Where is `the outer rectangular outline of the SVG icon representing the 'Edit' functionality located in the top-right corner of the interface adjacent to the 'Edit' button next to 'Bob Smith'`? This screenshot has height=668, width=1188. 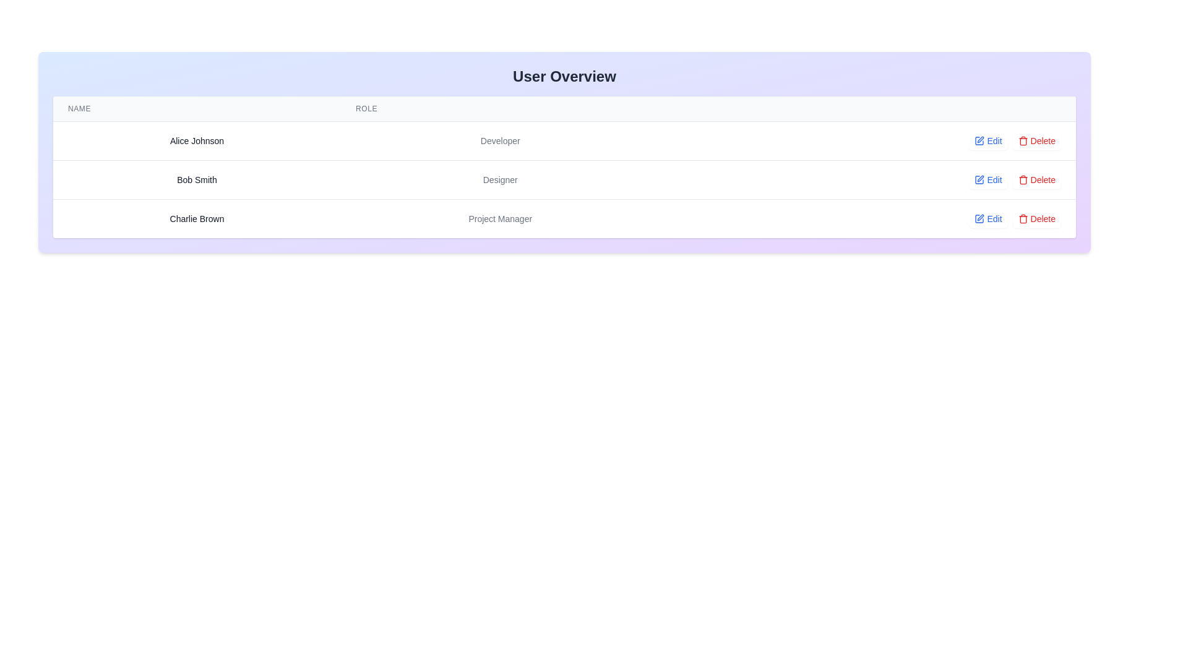
the outer rectangular outline of the SVG icon representing the 'Edit' functionality located in the top-right corner of the interface adjacent to the 'Edit' button next to 'Bob Smith' is located at coordinates (979, 179).